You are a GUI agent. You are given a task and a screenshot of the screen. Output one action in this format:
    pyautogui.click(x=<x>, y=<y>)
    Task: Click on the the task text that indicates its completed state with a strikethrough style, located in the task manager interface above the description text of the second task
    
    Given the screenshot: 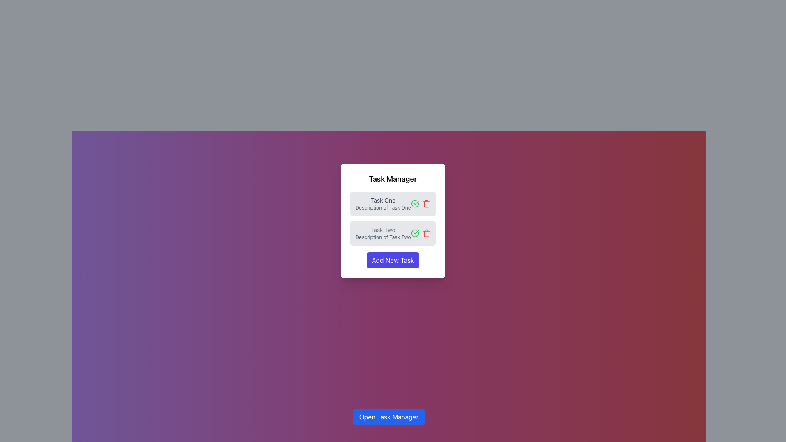 What is the action you would take?
    pyautogui.click(x=383, y=230)
    